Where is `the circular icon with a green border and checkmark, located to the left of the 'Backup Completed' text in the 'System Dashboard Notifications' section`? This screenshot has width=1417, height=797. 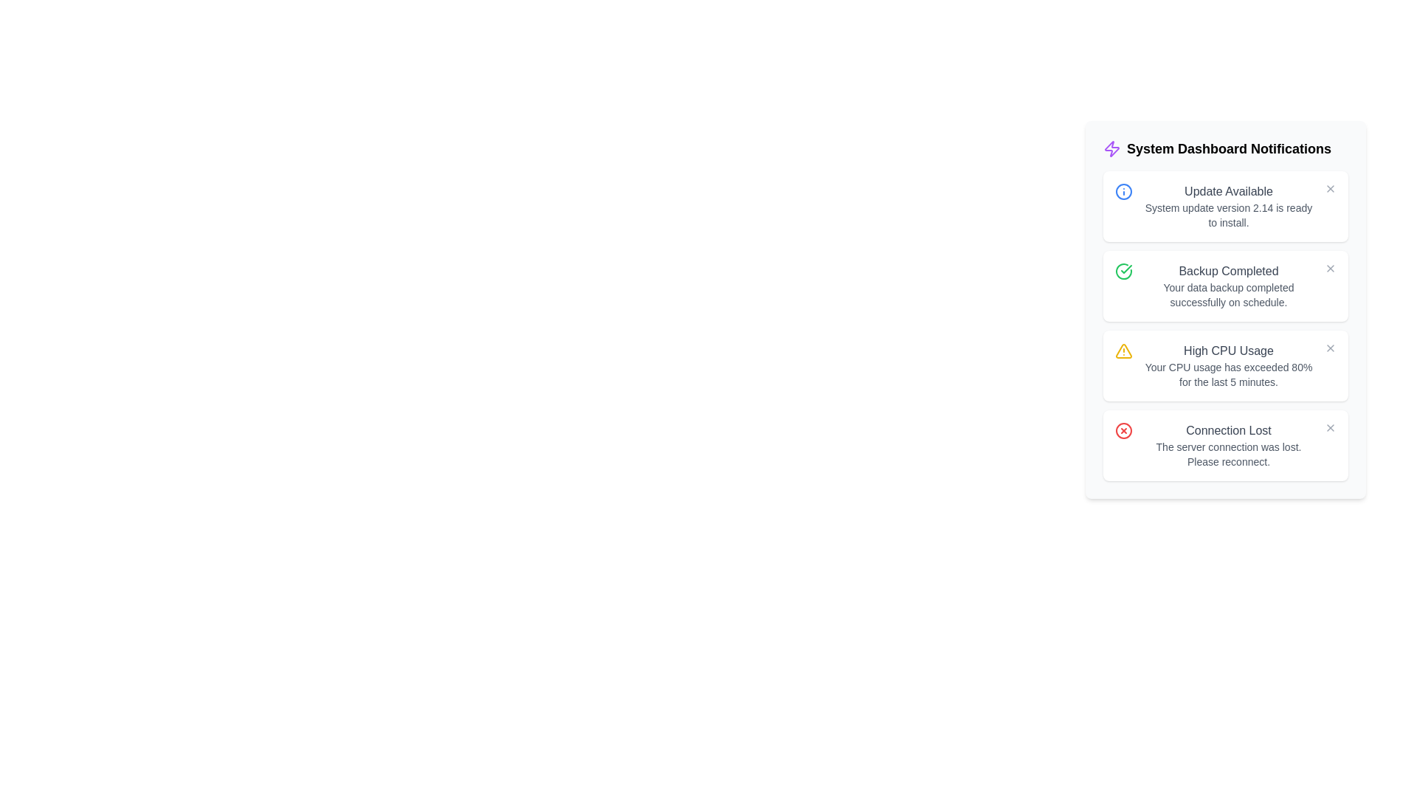
the circular icon with a green border and checkmark, located to the left of the 'Backup Completed' text in the 'System Dashboard Notifications' section is located at coordinates (1123, 271).